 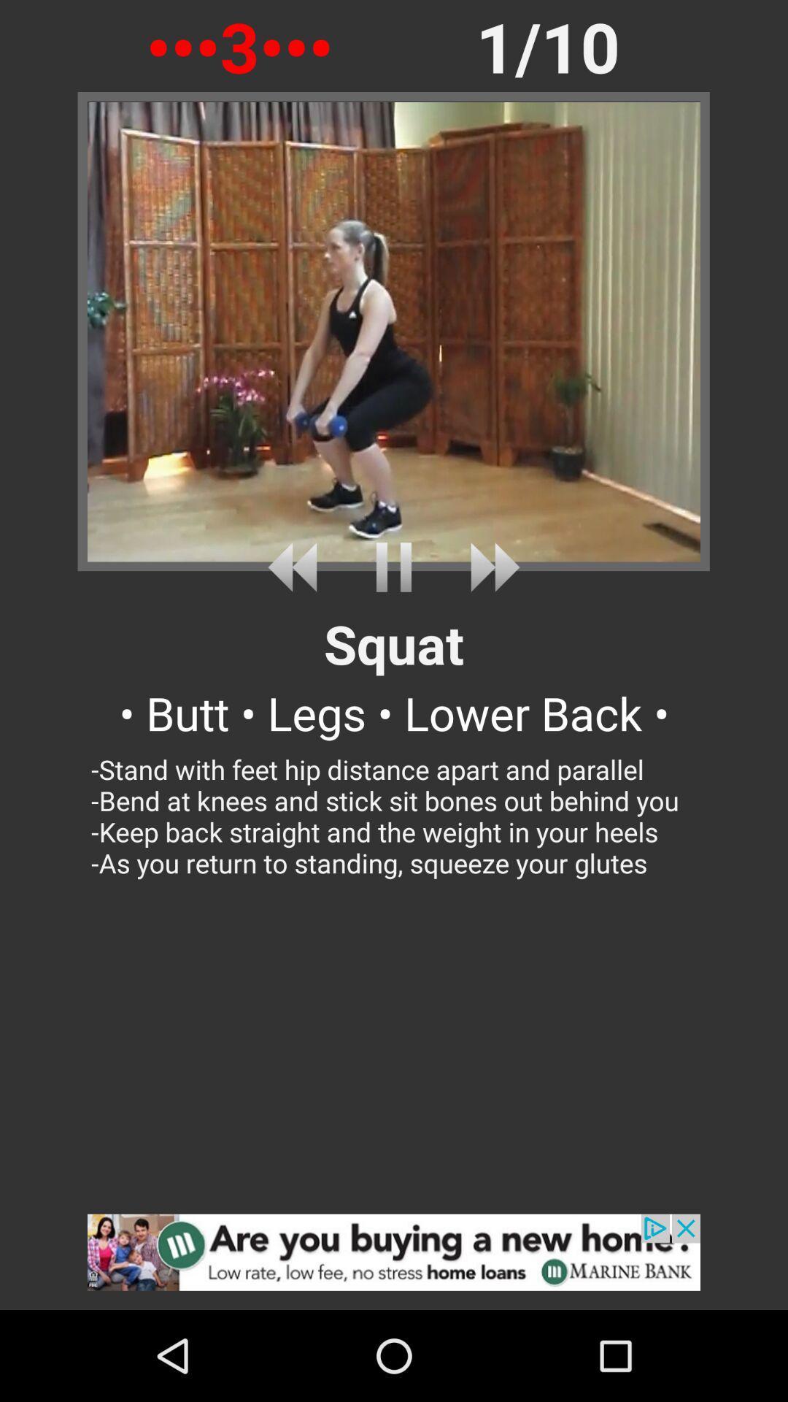 What do you see at coordinates (297, 567) in the screenshot?
I see `previous video` at bounding box center [297, 567].